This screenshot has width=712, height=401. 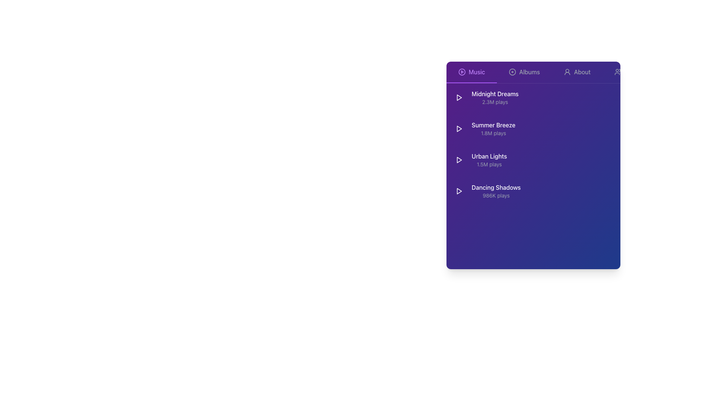 What do you see at coordinates (496, 191) in the screenshot?
I see `the label displaying the title and subtitle of the song, which is the fourth item in the vertical list under the 'Music' heading in the right panel` at bounding box center [496, 191].